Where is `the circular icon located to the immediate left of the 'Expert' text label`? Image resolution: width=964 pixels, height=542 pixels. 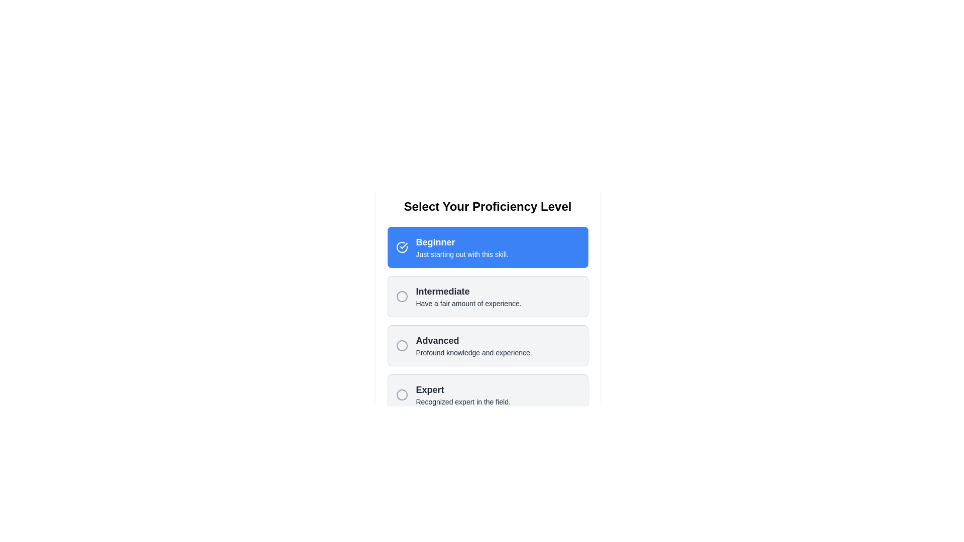
the circular icon located to the immediate left of the 'Expert' text label is located at coordinates (402, 394).